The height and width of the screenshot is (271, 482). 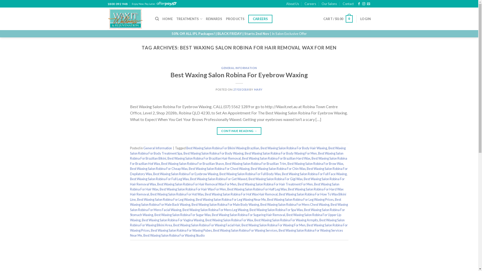 I want to click on 'Contact', so click(x=348, y=4).